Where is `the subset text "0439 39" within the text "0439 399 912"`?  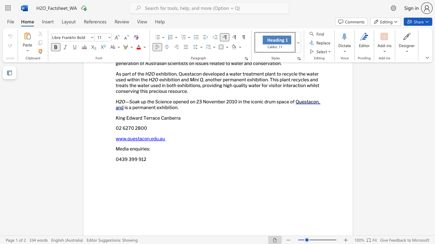
the subset text "0439 39" within the text "0439 399 912" is located at coordinates (116, 159).